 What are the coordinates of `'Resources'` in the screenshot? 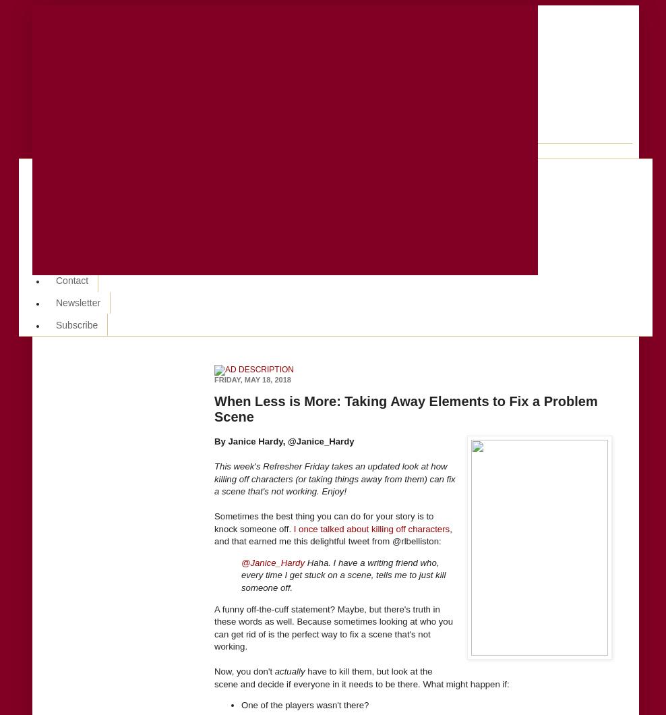 It's located at (78, 214).